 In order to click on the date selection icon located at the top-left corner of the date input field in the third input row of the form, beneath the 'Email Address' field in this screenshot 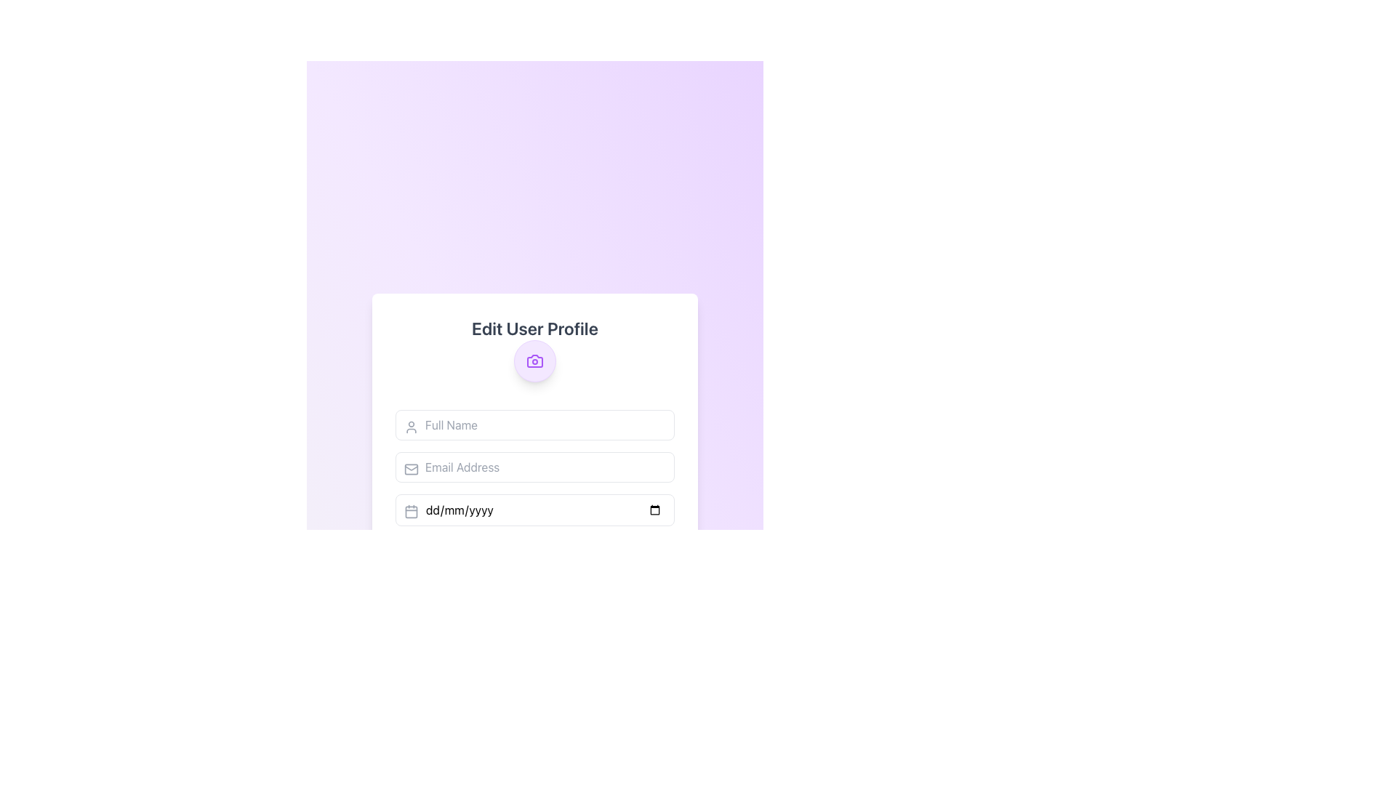, I will do `click(411, 511)`.